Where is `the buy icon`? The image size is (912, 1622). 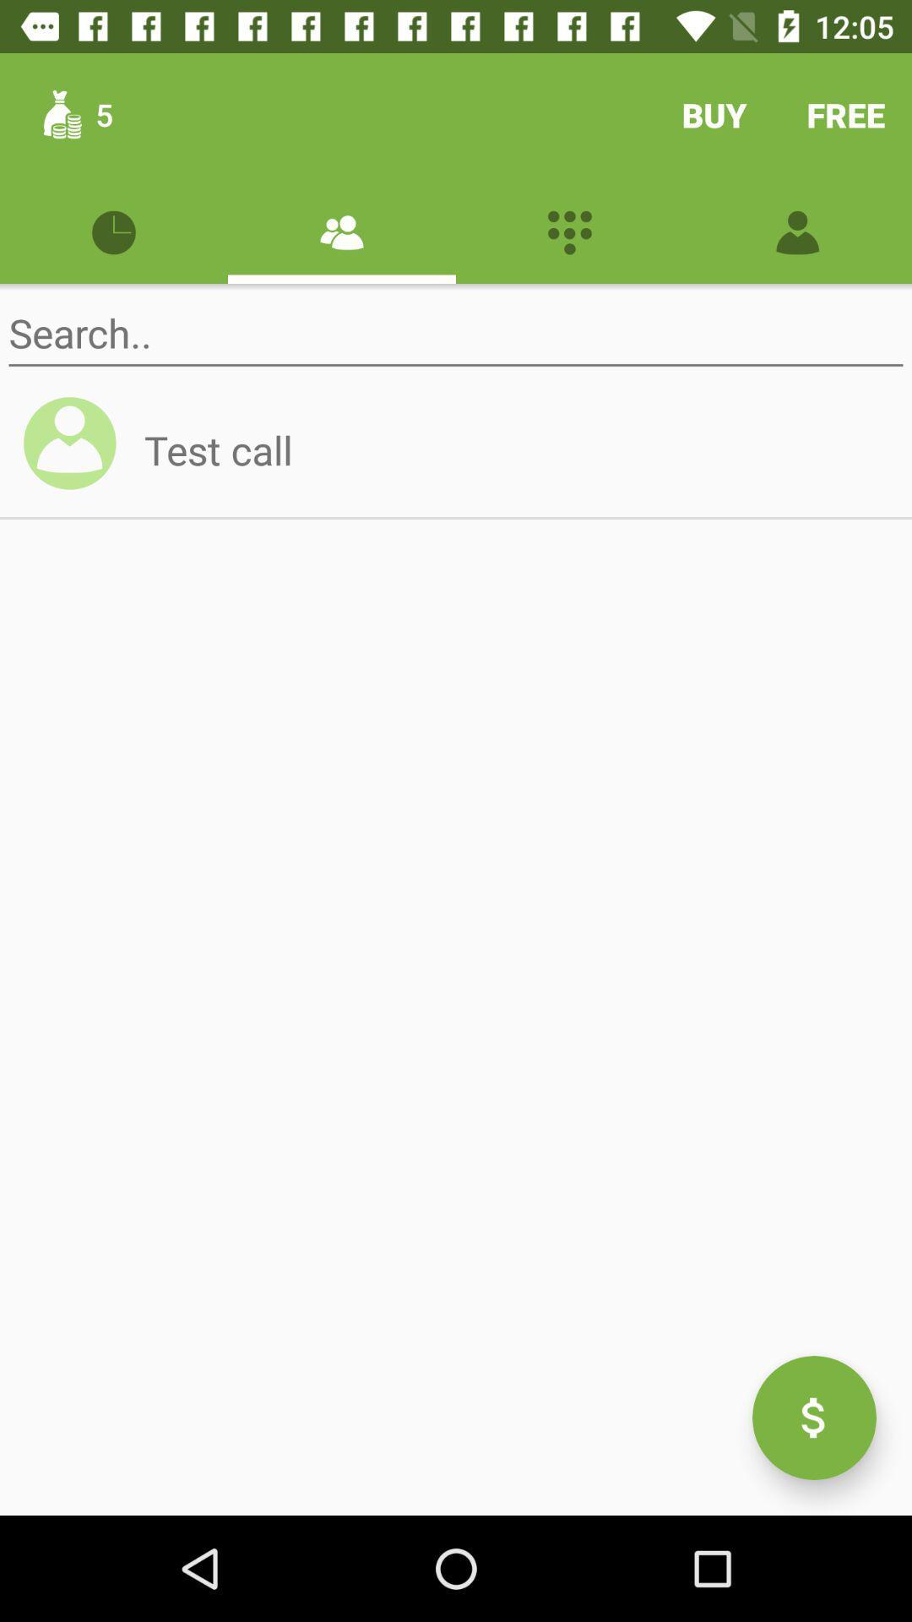 the buy icon is located at coordinates (714, 114).